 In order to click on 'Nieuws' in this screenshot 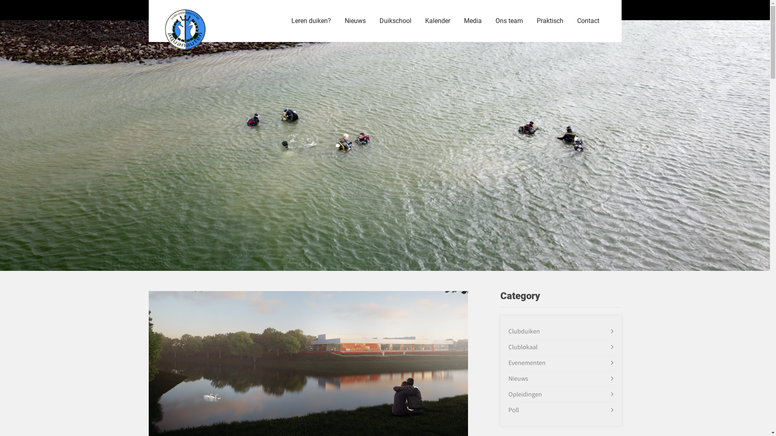, I will do `click(518, 378)`.